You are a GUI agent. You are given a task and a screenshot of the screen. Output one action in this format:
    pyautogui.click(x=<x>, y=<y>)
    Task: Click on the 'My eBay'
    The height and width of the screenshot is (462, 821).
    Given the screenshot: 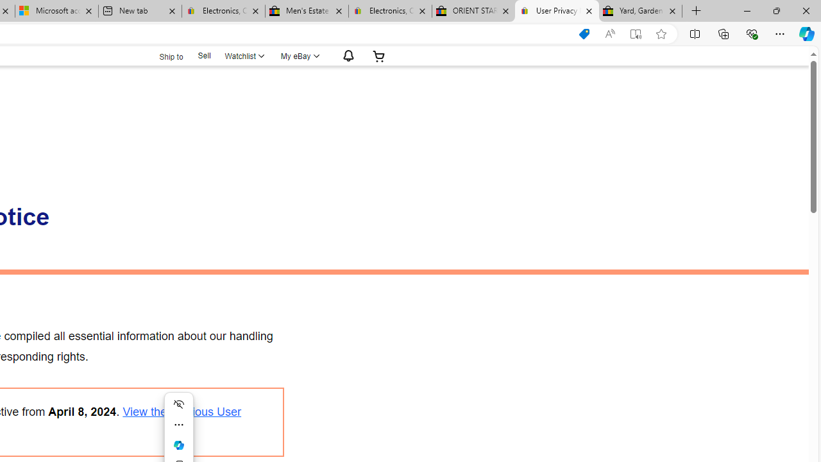 What is the action you would take?
    pyautogui.click(x=298, y=55)
    